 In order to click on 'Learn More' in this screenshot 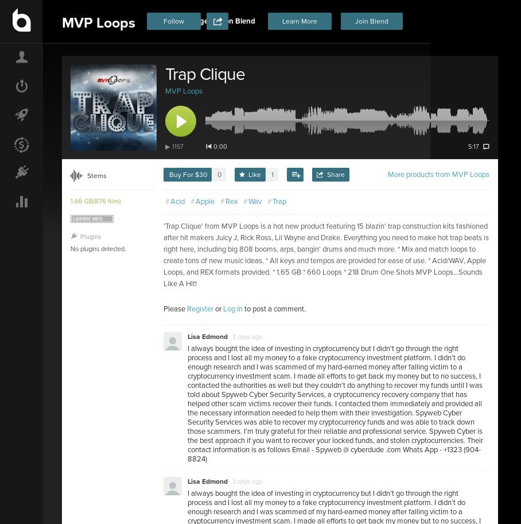, I will do `click(300, 21)`.